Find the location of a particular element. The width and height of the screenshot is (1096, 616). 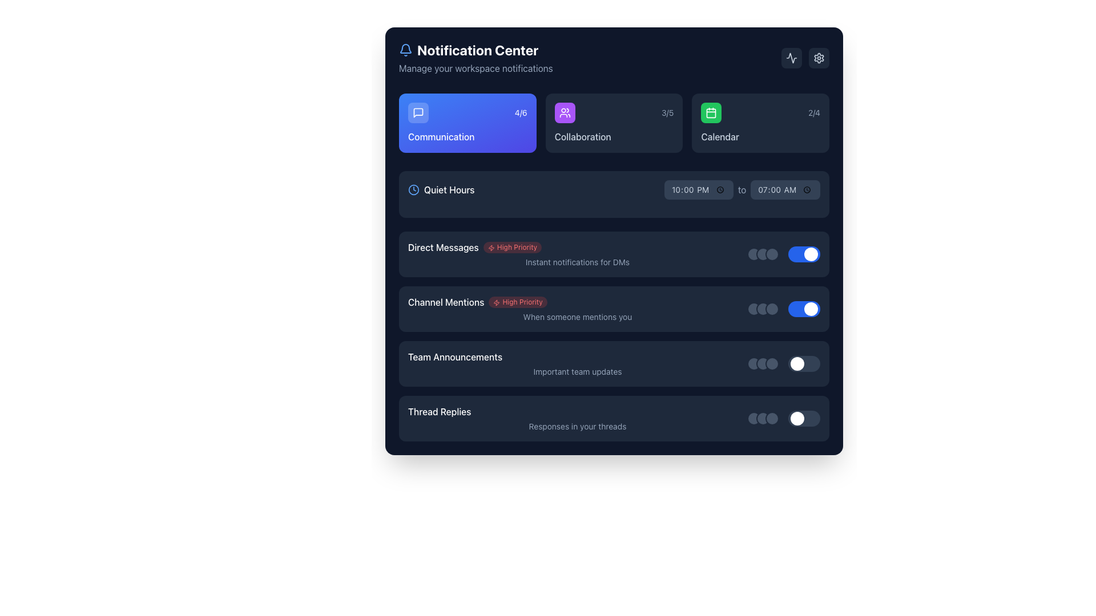

the gear-shaped settings icon located at the top-right corner of the interface is located at coordinates (819, 58).